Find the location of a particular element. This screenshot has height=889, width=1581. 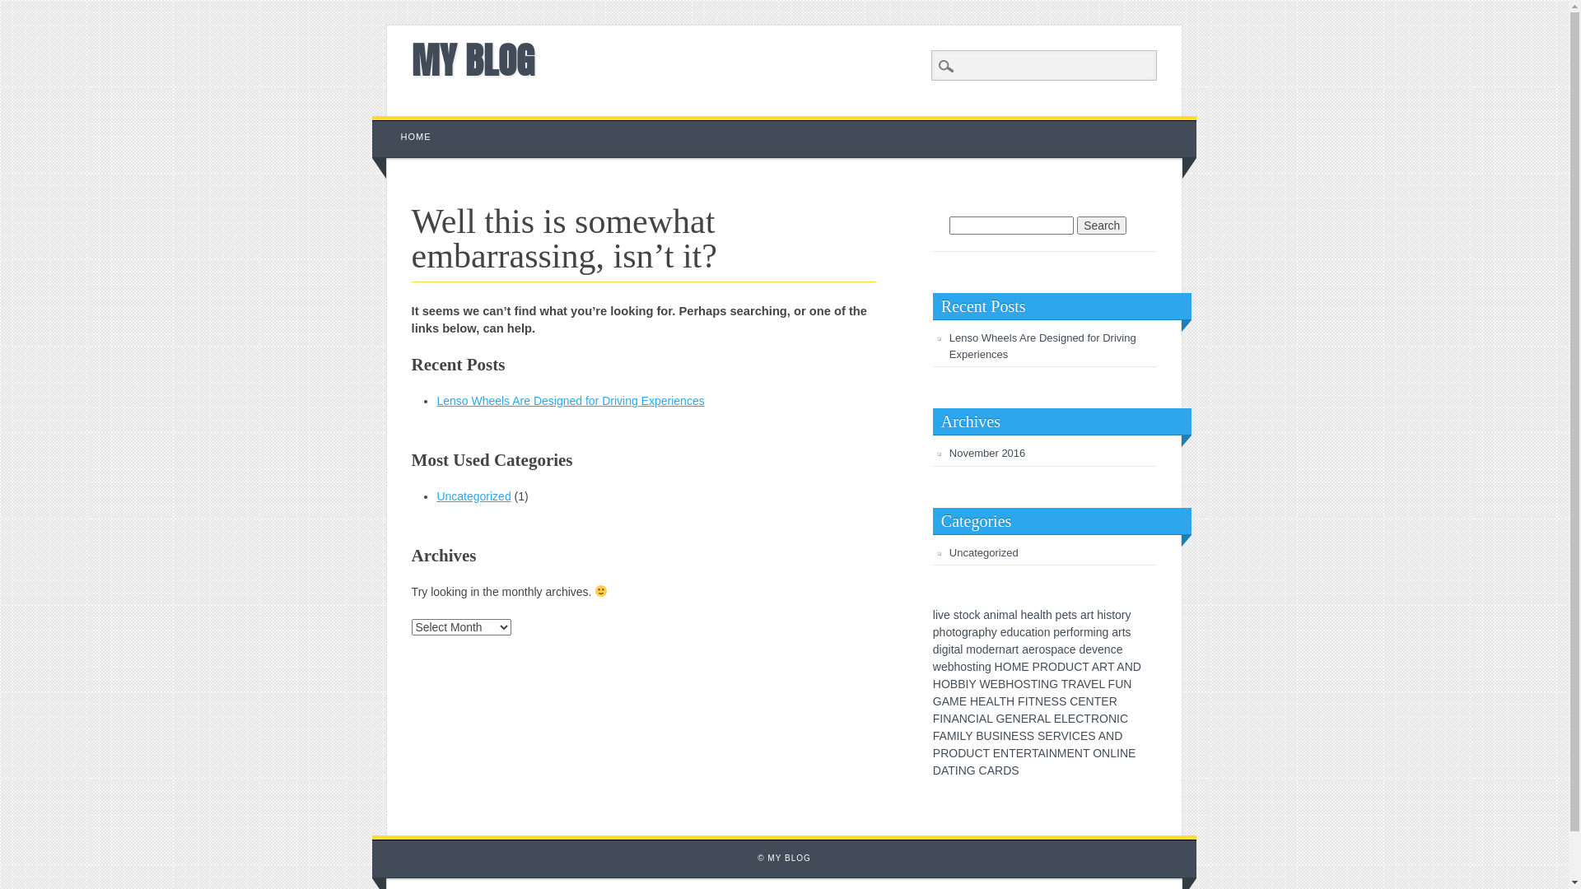

't' is located at coordinates (1090, 615).